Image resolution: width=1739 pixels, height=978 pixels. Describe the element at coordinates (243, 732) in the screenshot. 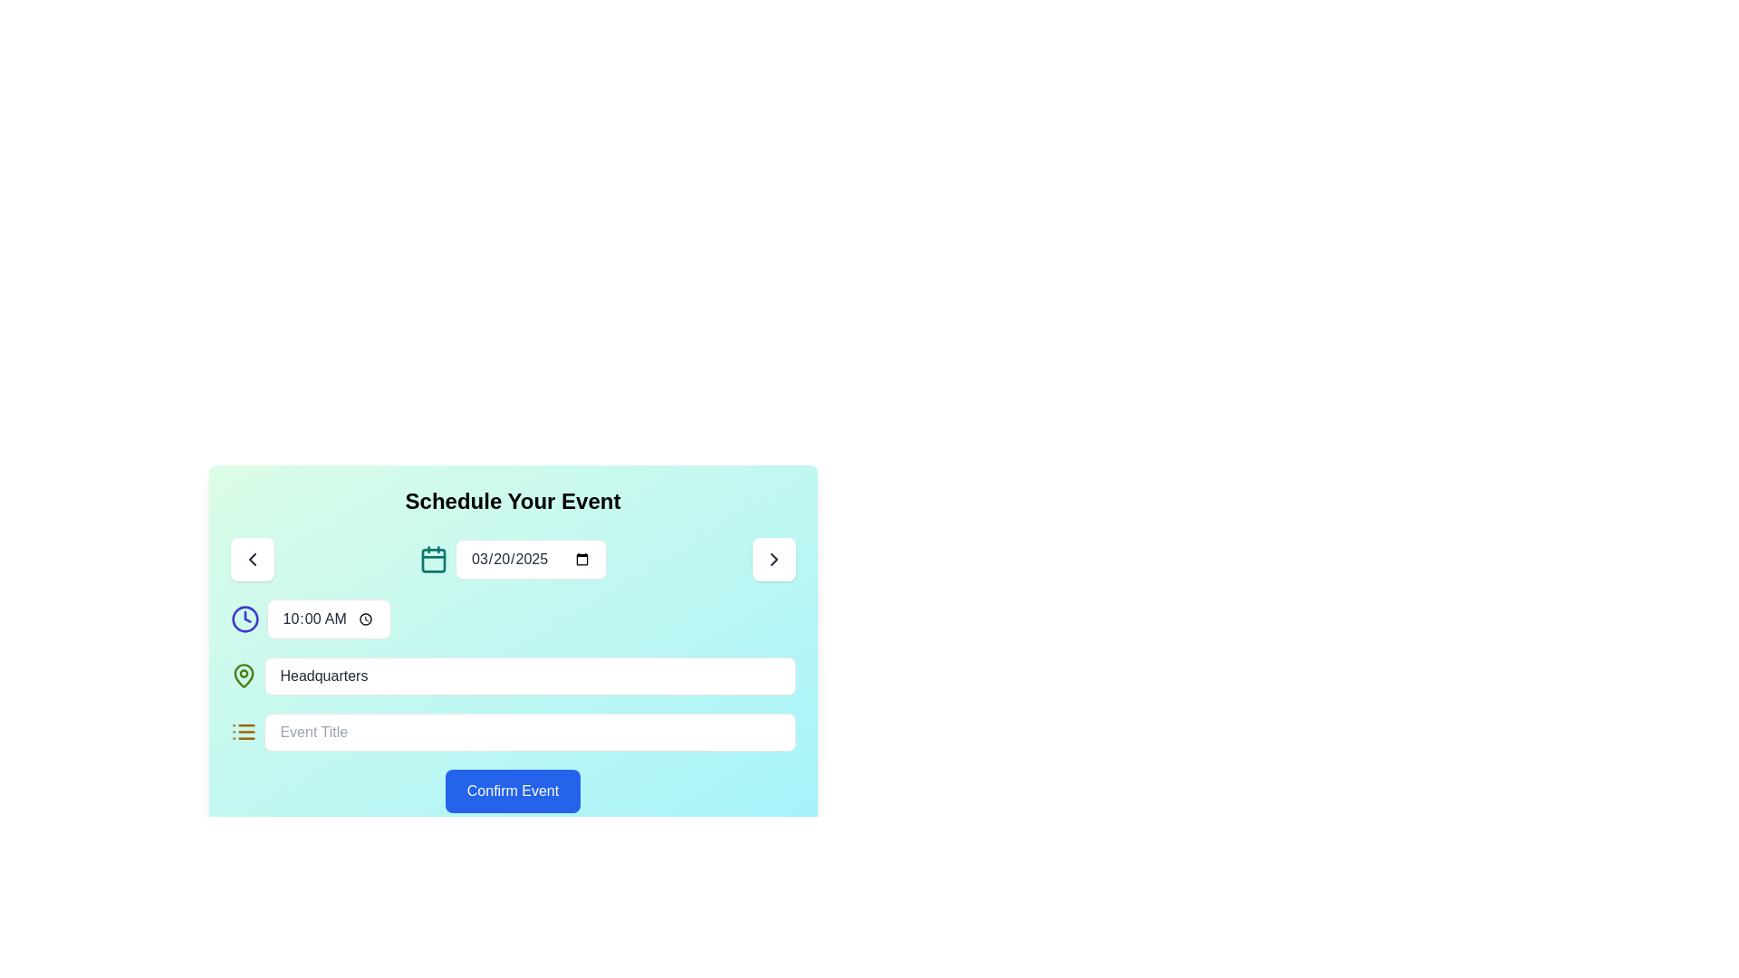

I see `the yellow list icon consisting of three horizontal lines, positioned to the left of the 'Event Title' input field` at that location.